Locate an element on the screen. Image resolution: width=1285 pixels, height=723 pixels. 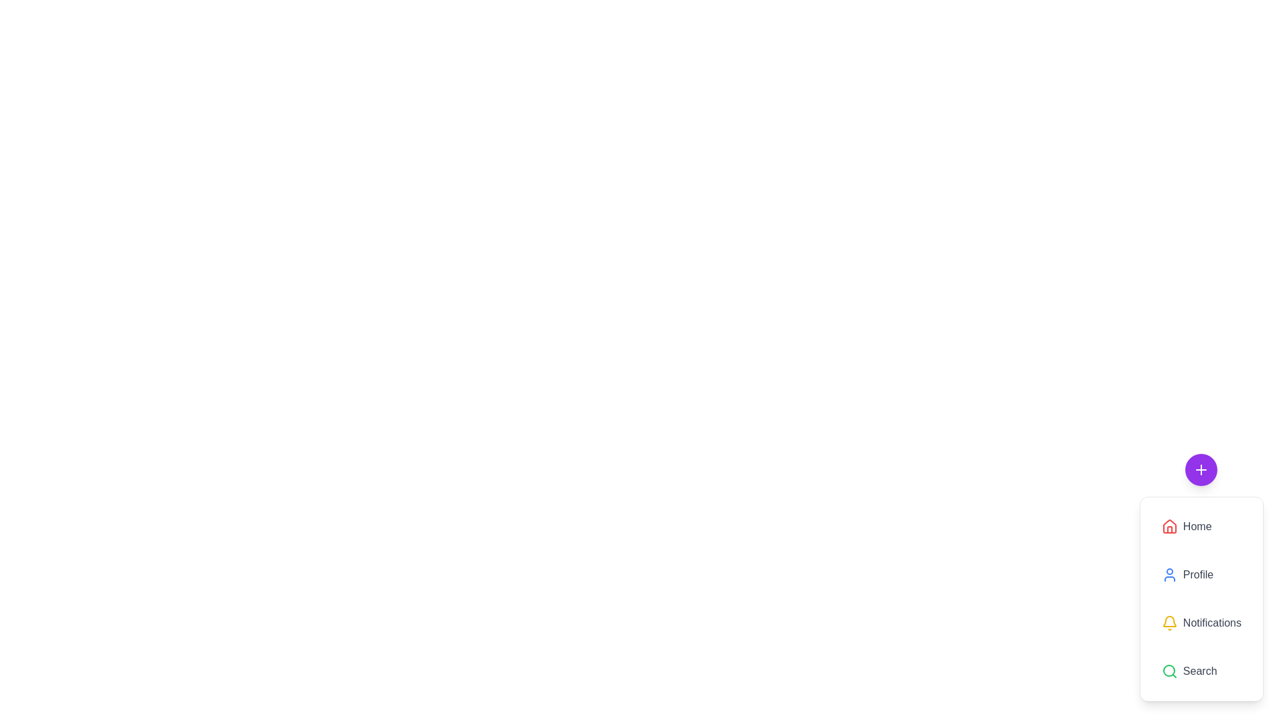
the 'Home' button in the speed dial menu is located at coordinates (1201, 526).